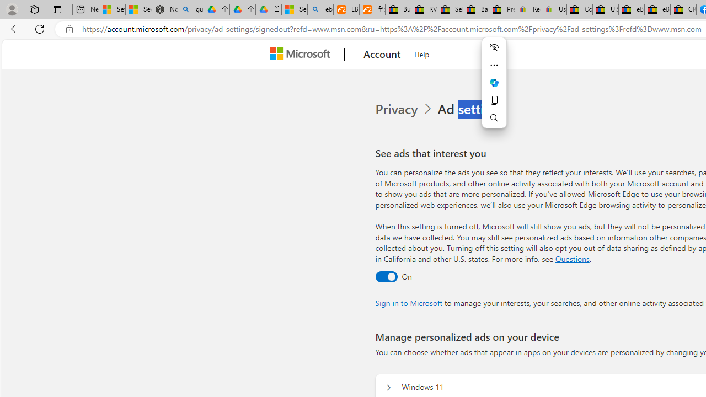 Image resolution: width=706 pixels, height=397 pixels. What do you see at coordinates (421, 53) in the screenshot?
I see `'Help'` at bounding box center [421, 53].